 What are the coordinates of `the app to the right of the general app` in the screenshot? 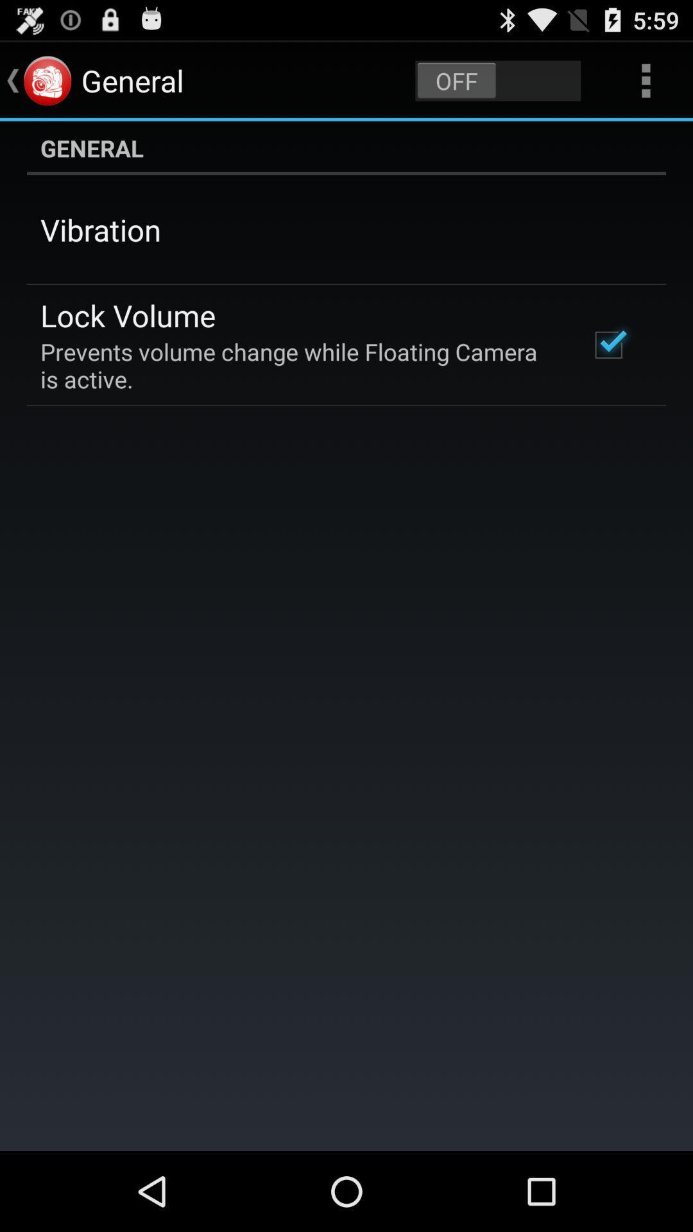 It's located at (497, 80).